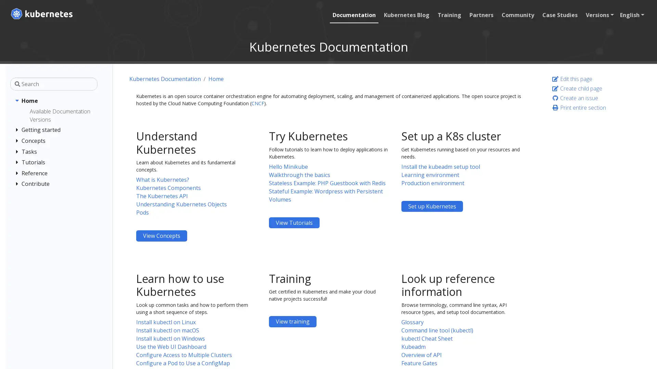  I want to click on Set up a K8s cluster, so click(431, 206).